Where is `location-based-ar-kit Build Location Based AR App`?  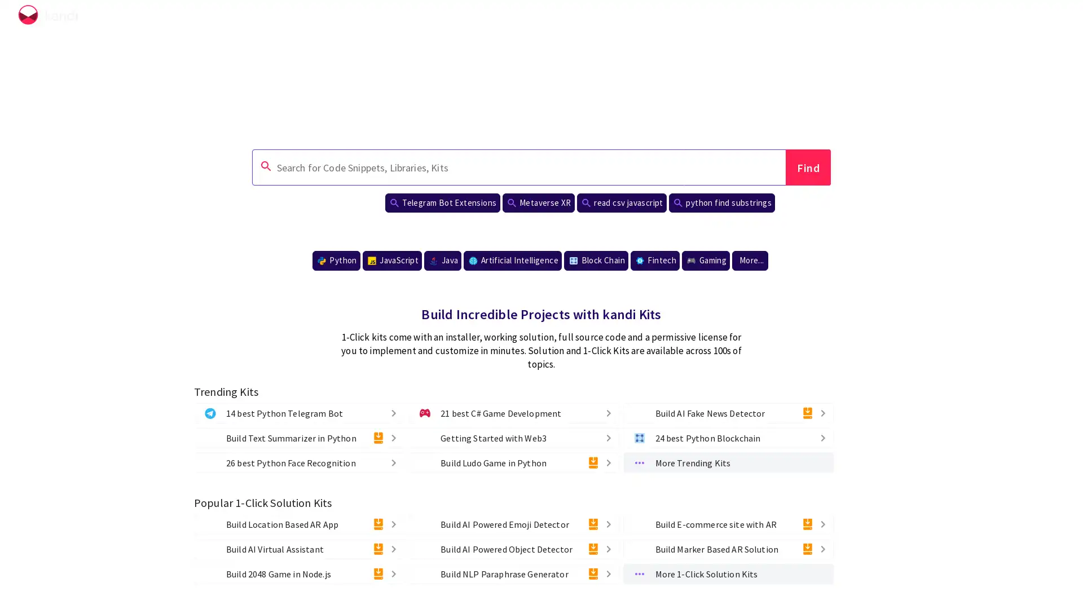
location-based-ar-kit Build Location Based AR App is located at coordinates (299, 524).